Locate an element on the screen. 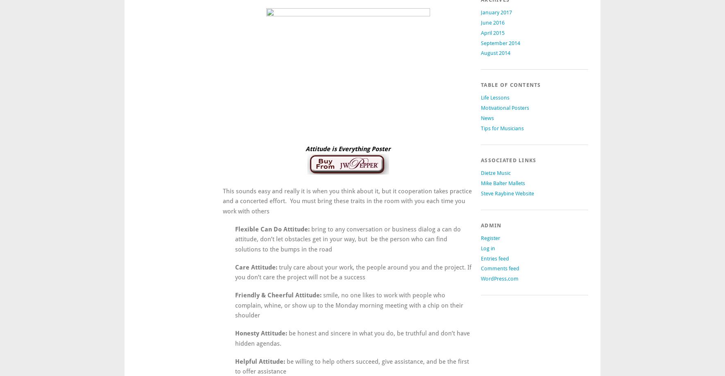 This screenshot has width=725, height=376. 'be willing to help others succeed, give assistance, and be the first to offer assistance' is located at coordinates (351, 366).